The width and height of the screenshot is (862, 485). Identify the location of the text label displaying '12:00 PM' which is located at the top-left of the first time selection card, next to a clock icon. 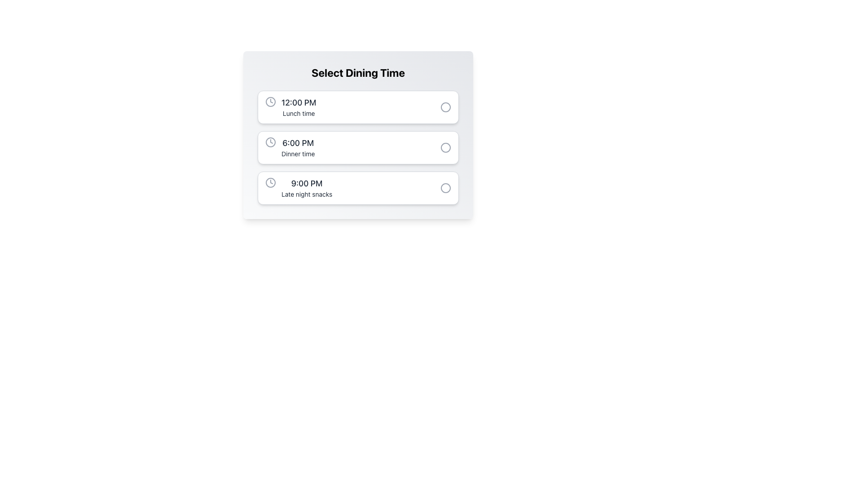
(299, 102).